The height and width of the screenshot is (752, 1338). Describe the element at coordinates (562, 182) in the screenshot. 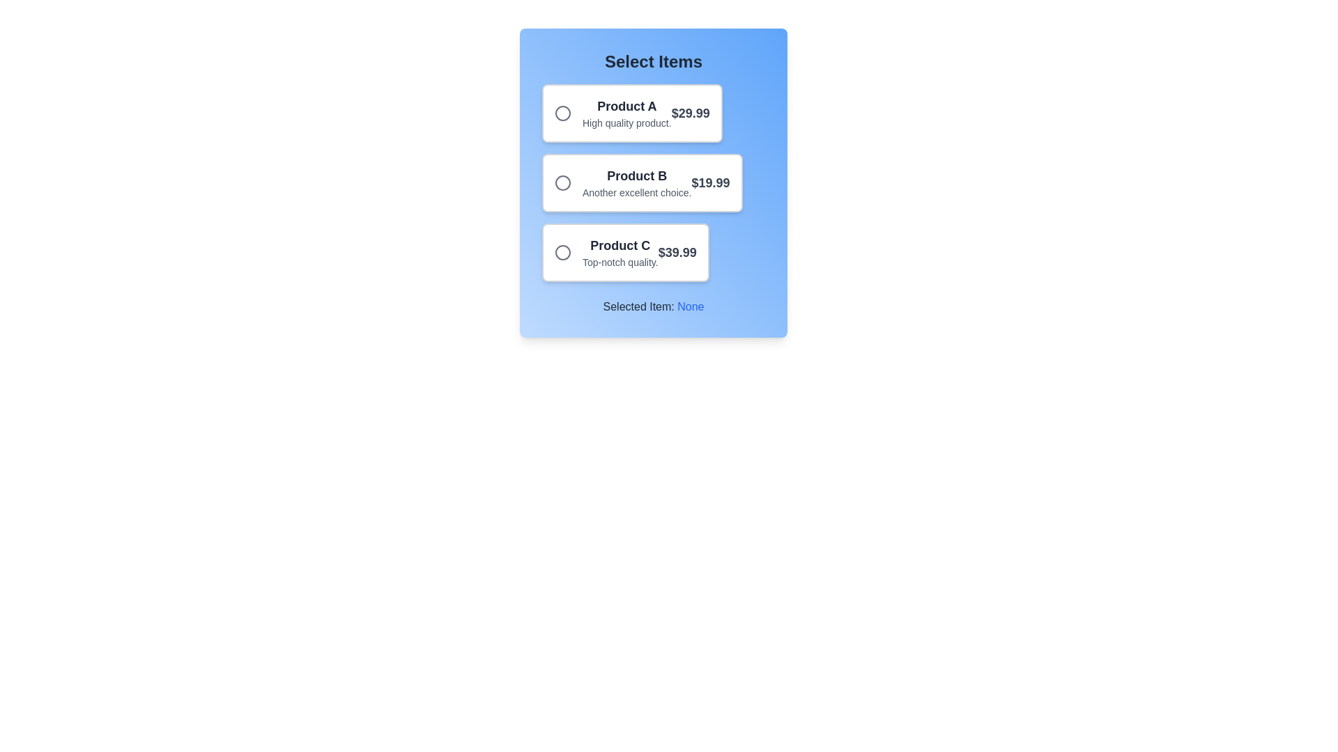

I see `the SVG circle graphic representing the radio button for the second option labeled 'Product B'` at that location.